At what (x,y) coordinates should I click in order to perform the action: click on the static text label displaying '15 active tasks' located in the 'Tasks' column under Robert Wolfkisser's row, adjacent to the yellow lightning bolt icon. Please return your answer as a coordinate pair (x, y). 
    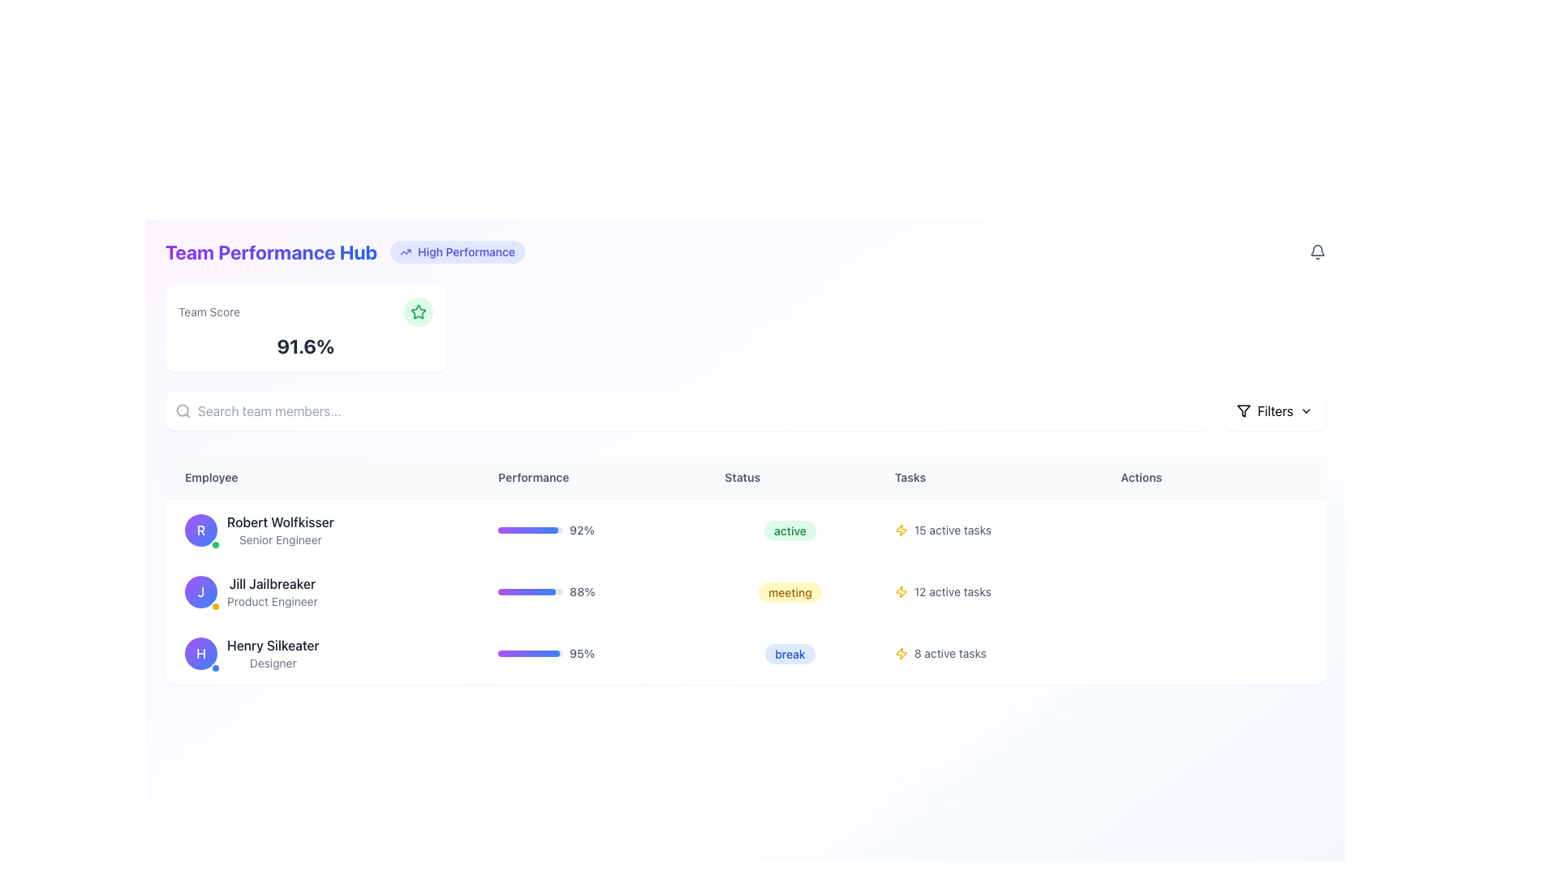
    Looking at the image, I should click on (953, 530).